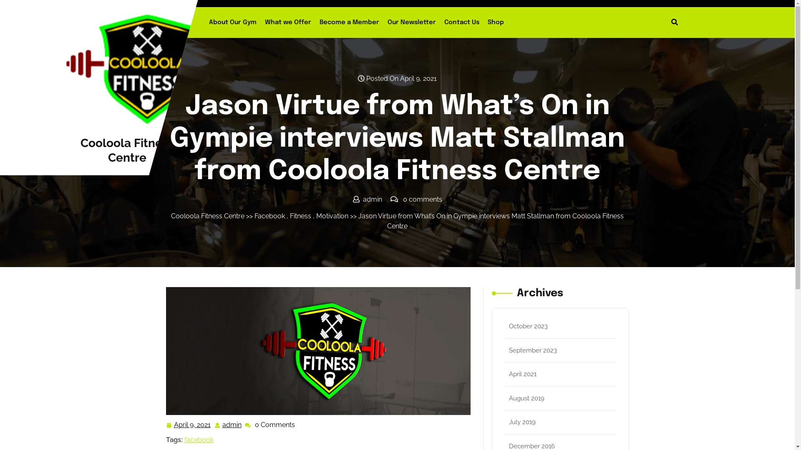  Describe the element at coordinates (483, 22) in the screenshot. I see `'Shop'` at that location.